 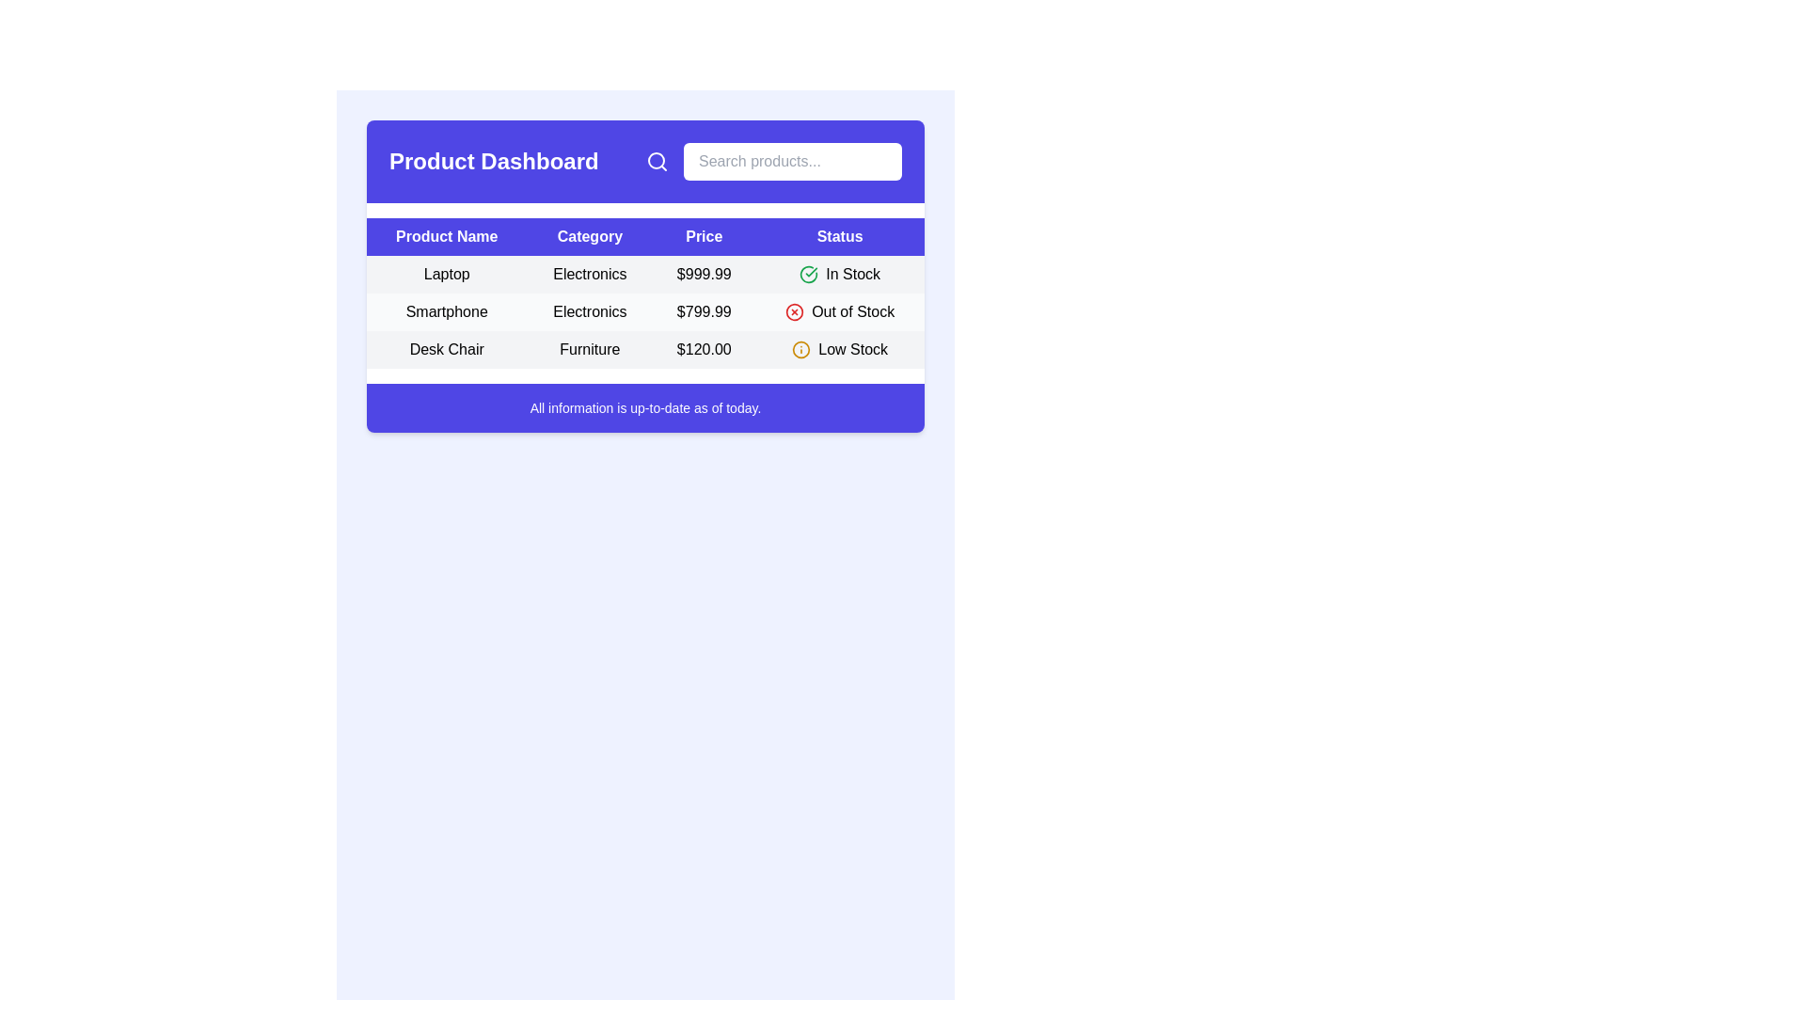 What do you see at coordinates (839, 275) in the screenshot?
I see `the availability status text with icon in the 'Status' column of the first row of the product information table, which indicates that the item is available for purchase` at bounding box center [839, 275].